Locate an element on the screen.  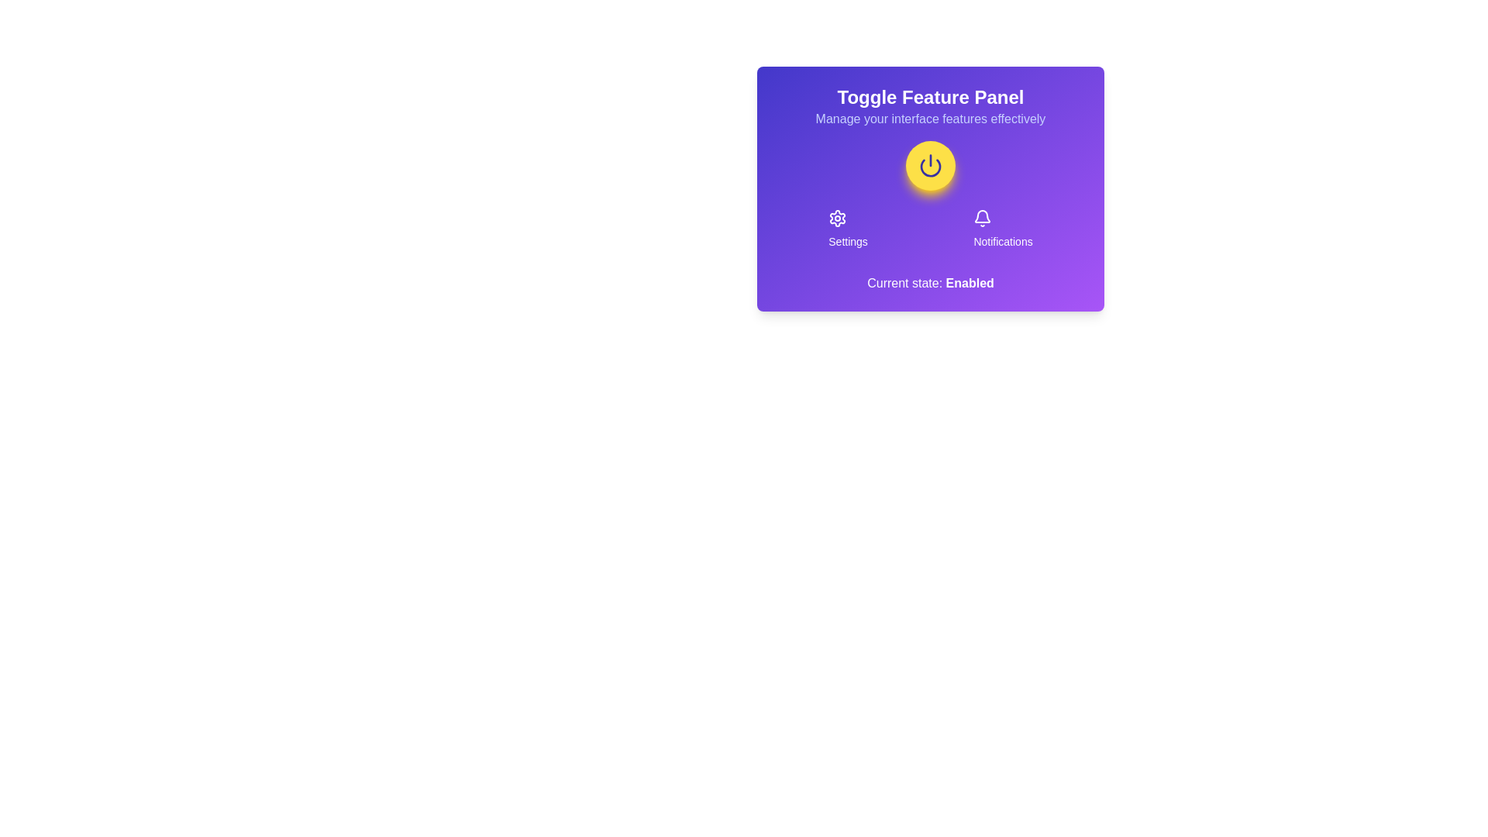
the notifications icon located in the right section of the purple panel is located at coordinates (982, 216).